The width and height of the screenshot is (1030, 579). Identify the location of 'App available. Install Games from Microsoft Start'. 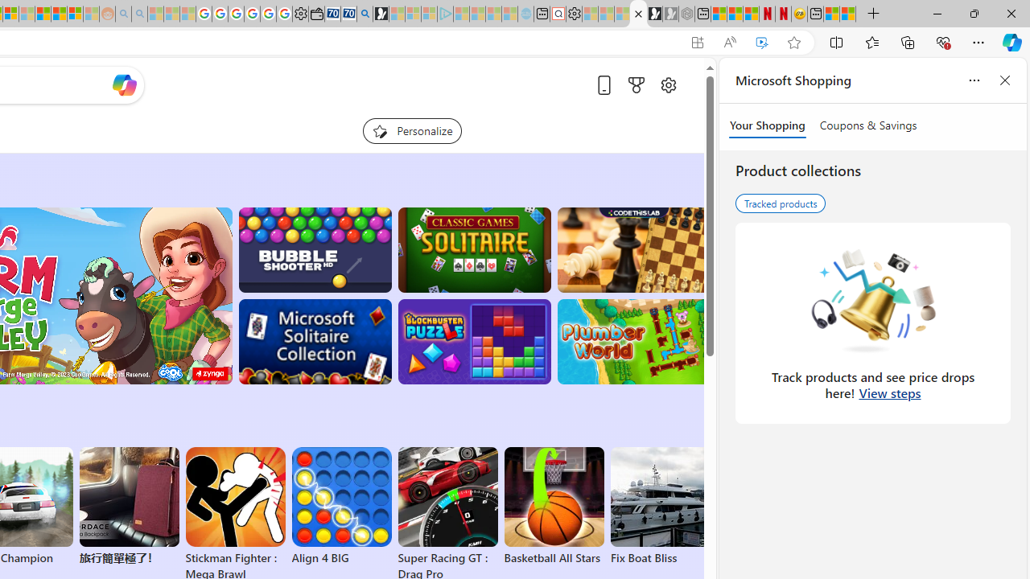
(698, 42).